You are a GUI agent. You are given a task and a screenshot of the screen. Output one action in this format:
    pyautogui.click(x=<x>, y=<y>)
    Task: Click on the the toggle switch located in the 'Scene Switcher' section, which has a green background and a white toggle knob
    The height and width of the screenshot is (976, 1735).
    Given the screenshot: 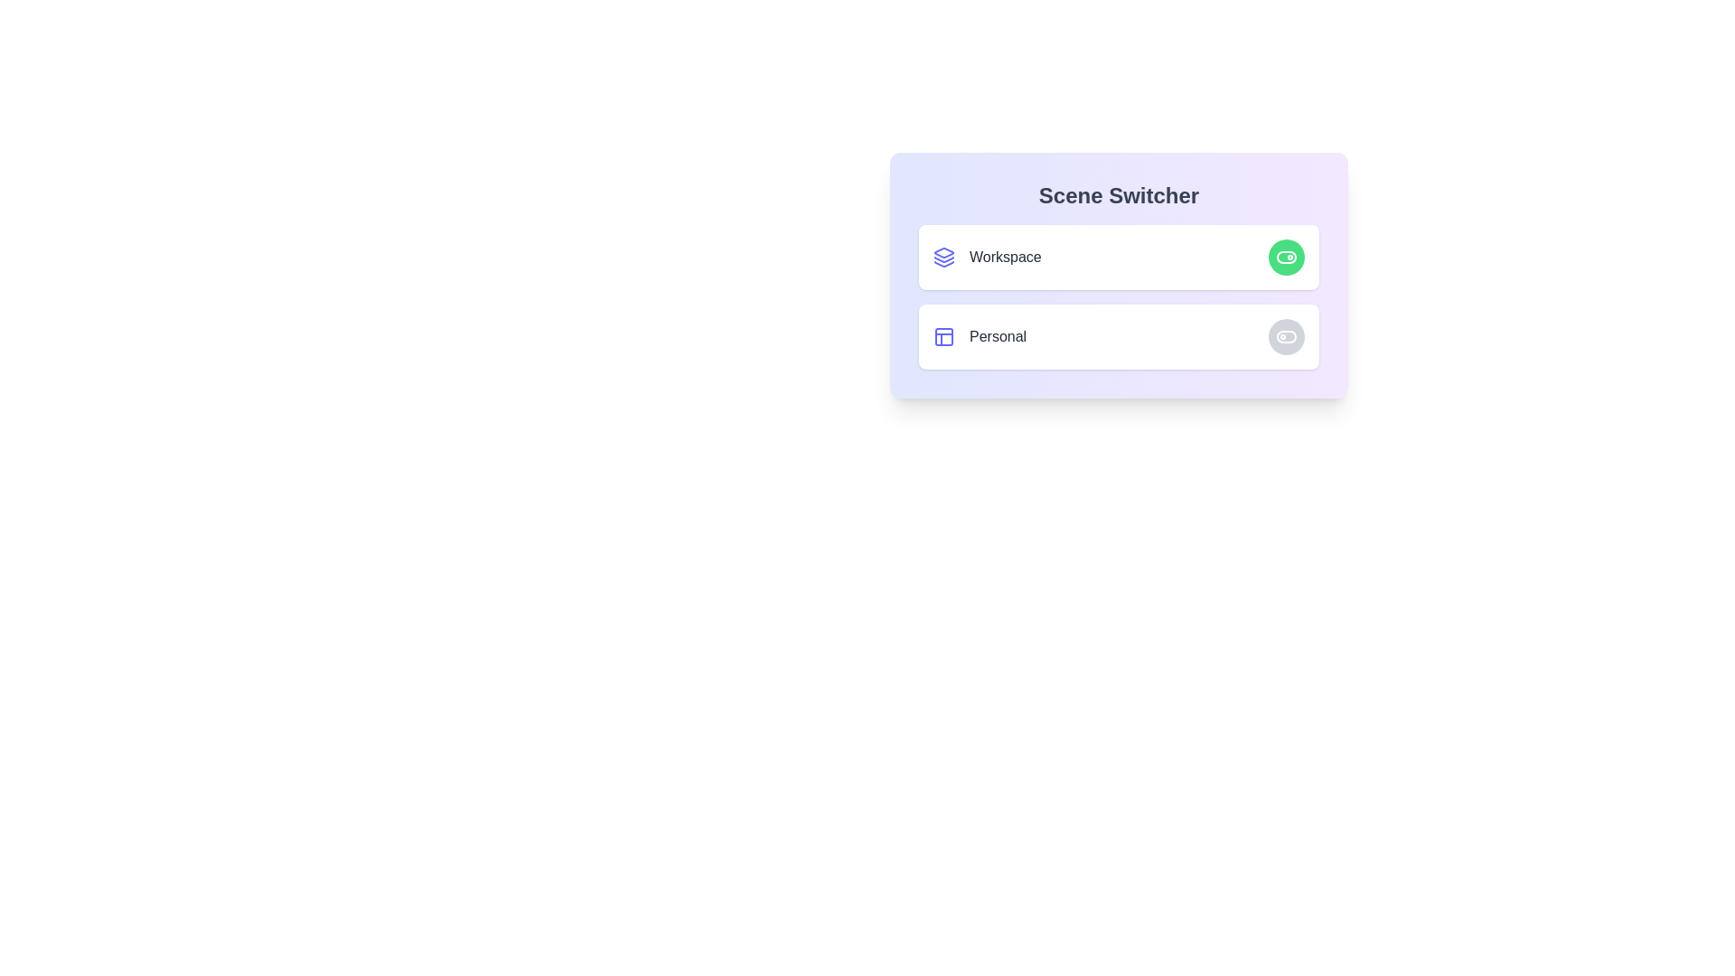 What is the action you would take?
    pyautogui.click(x=1286, y=258)
    